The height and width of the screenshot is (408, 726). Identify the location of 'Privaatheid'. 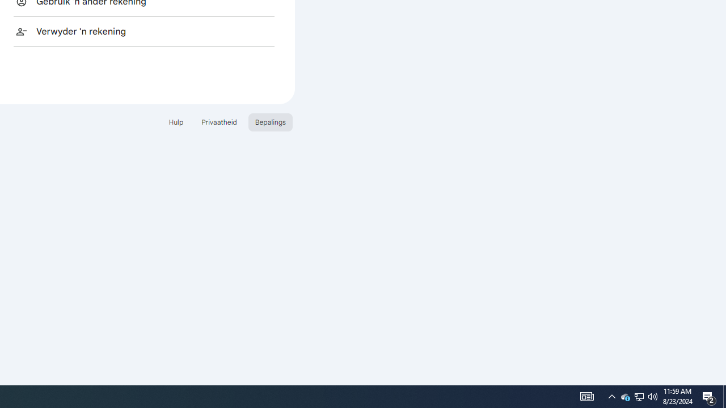
(219, 122).